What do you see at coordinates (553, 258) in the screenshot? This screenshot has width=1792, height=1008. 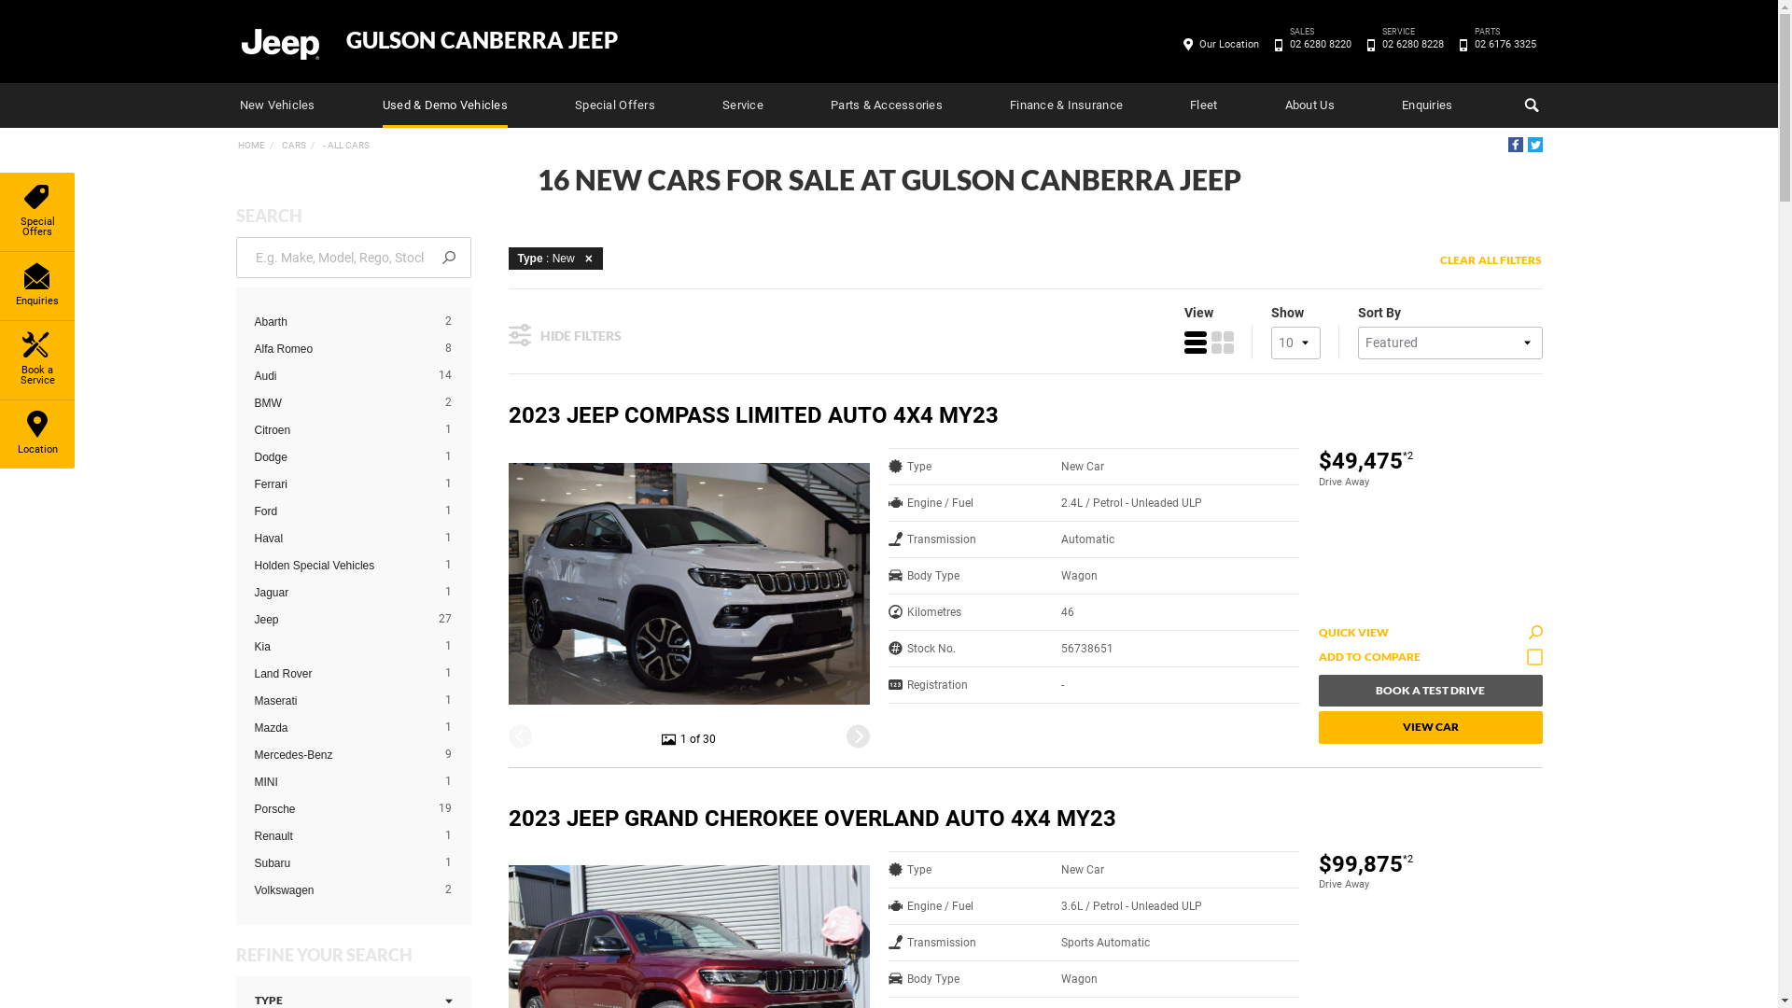 I see `'Type : New'` at bounding box center [553, 258].